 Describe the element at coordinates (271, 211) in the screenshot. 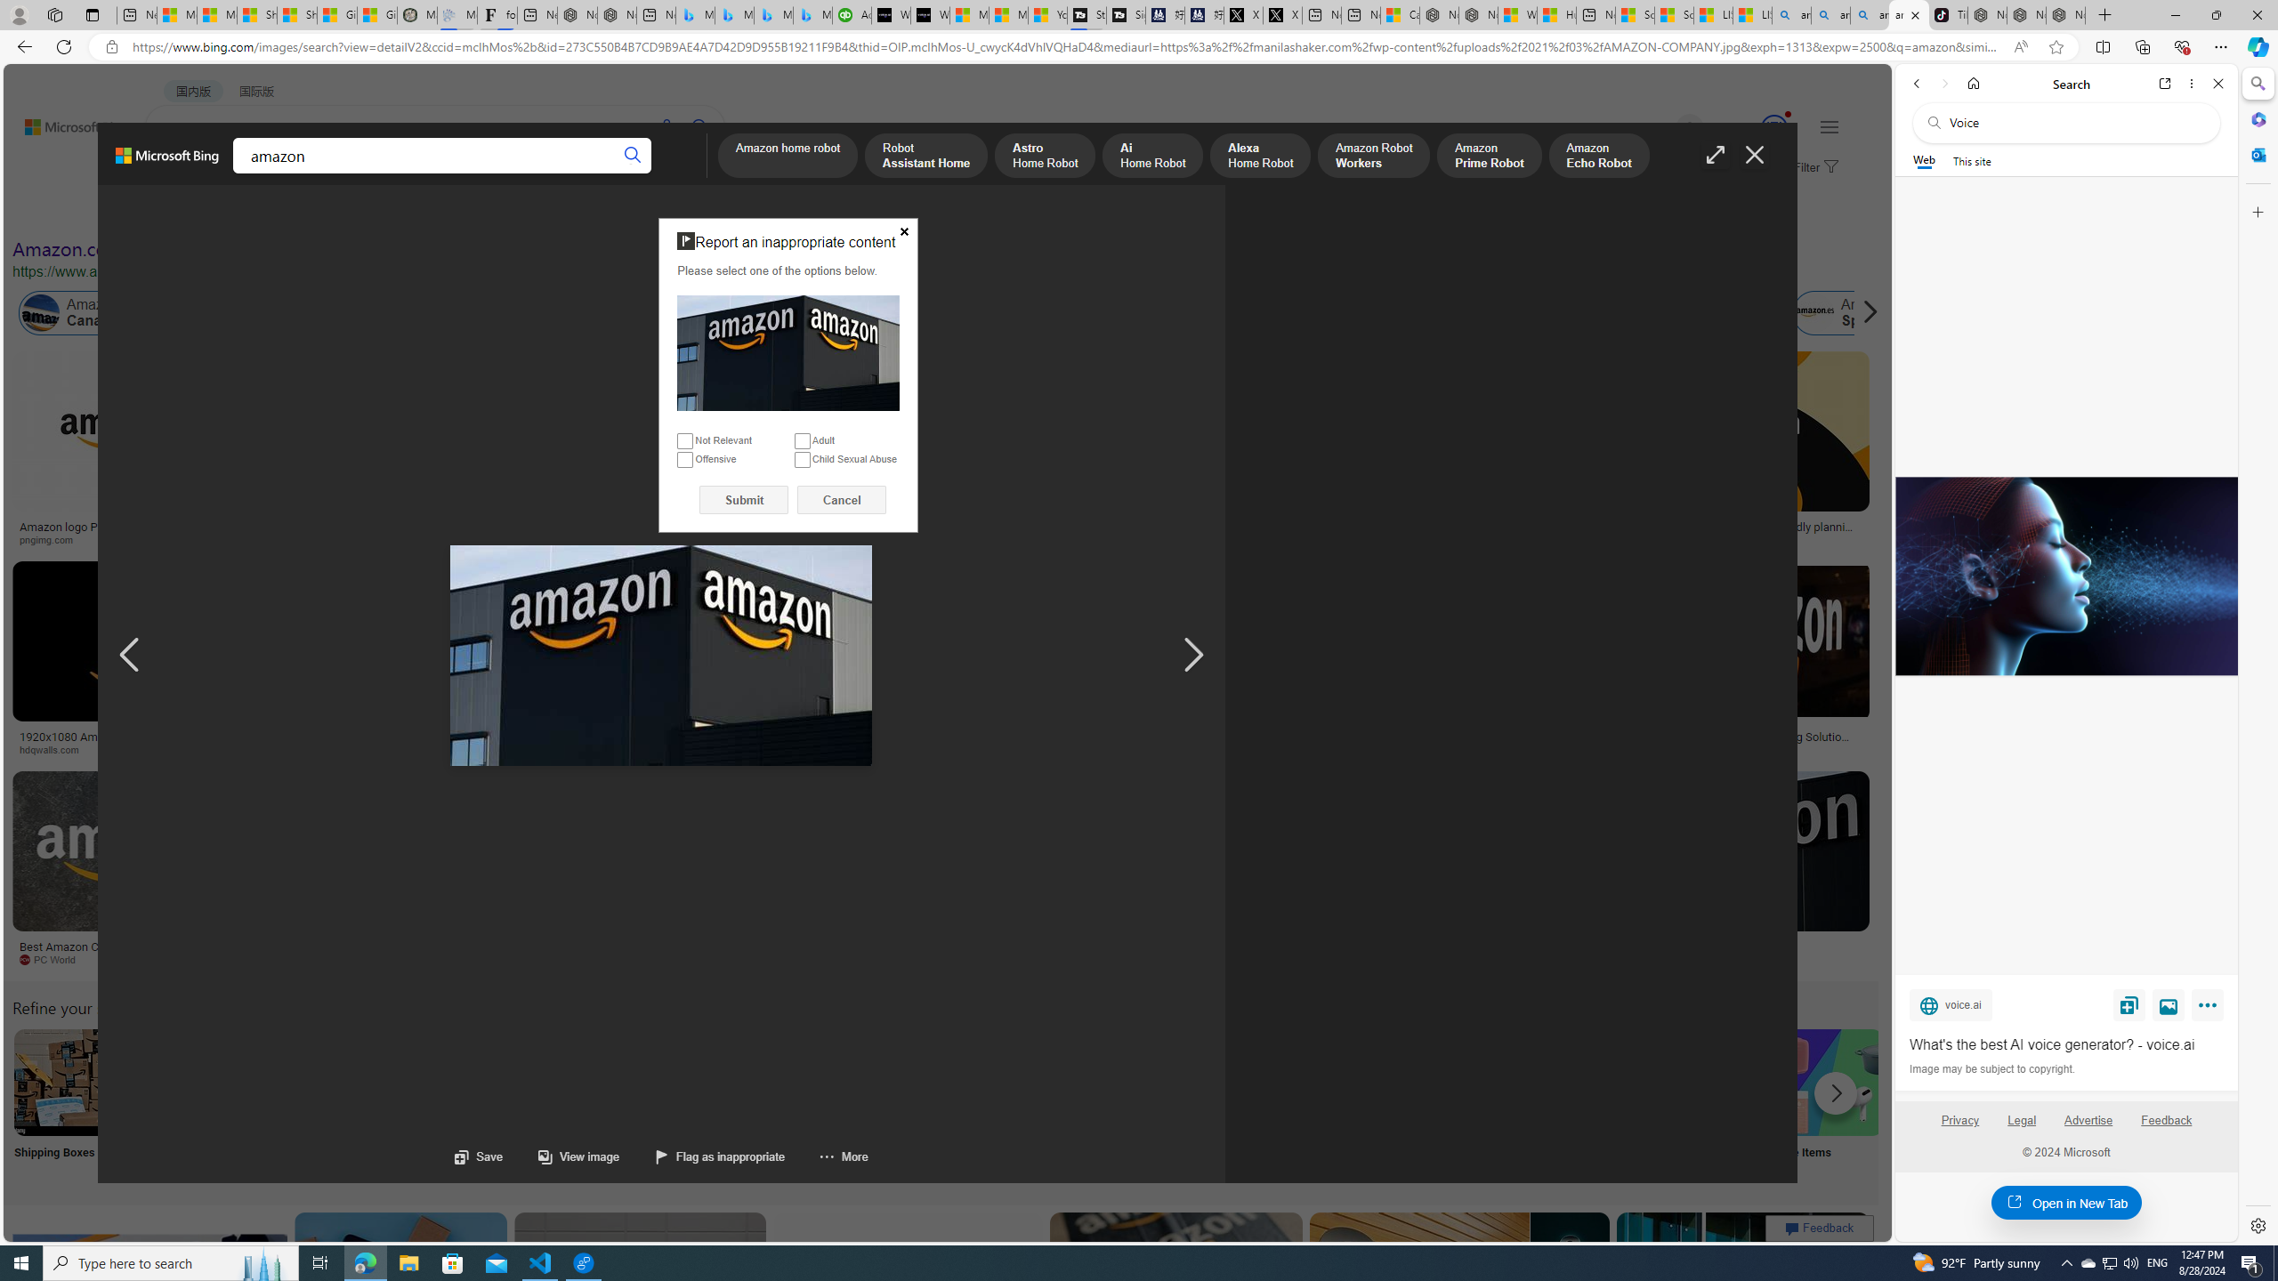

I see `'Color'` at that location.